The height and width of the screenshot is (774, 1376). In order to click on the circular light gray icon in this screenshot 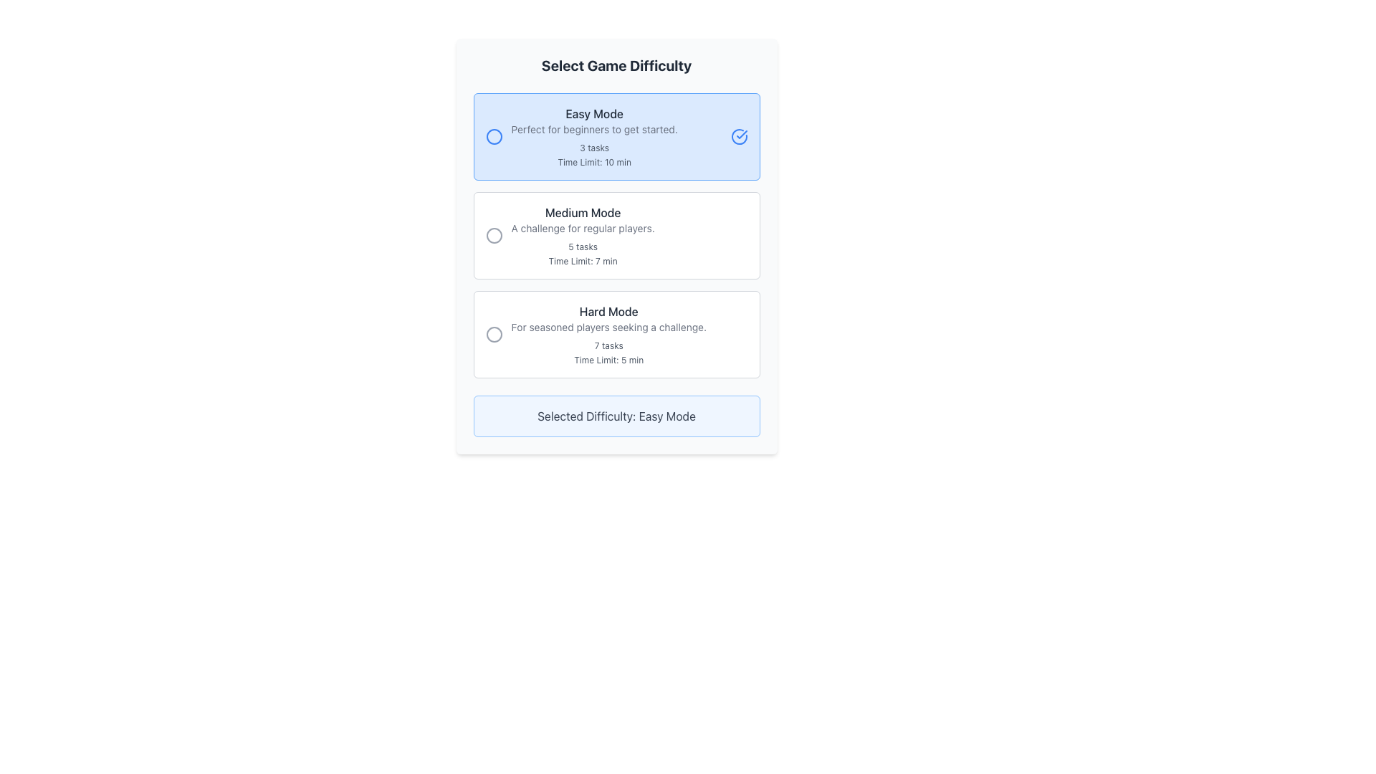, I will do `click(494, 334)`.